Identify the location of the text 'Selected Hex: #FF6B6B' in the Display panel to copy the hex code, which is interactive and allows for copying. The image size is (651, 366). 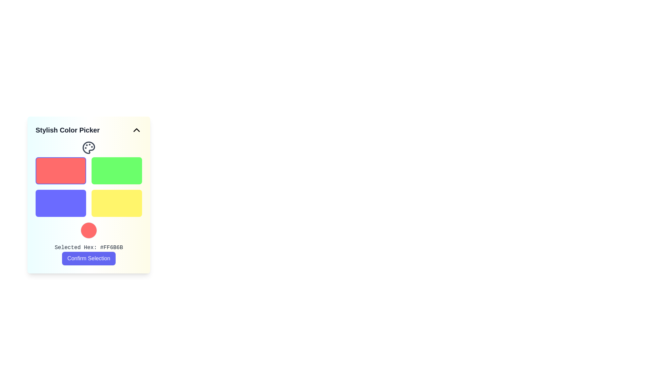
(88, 236).